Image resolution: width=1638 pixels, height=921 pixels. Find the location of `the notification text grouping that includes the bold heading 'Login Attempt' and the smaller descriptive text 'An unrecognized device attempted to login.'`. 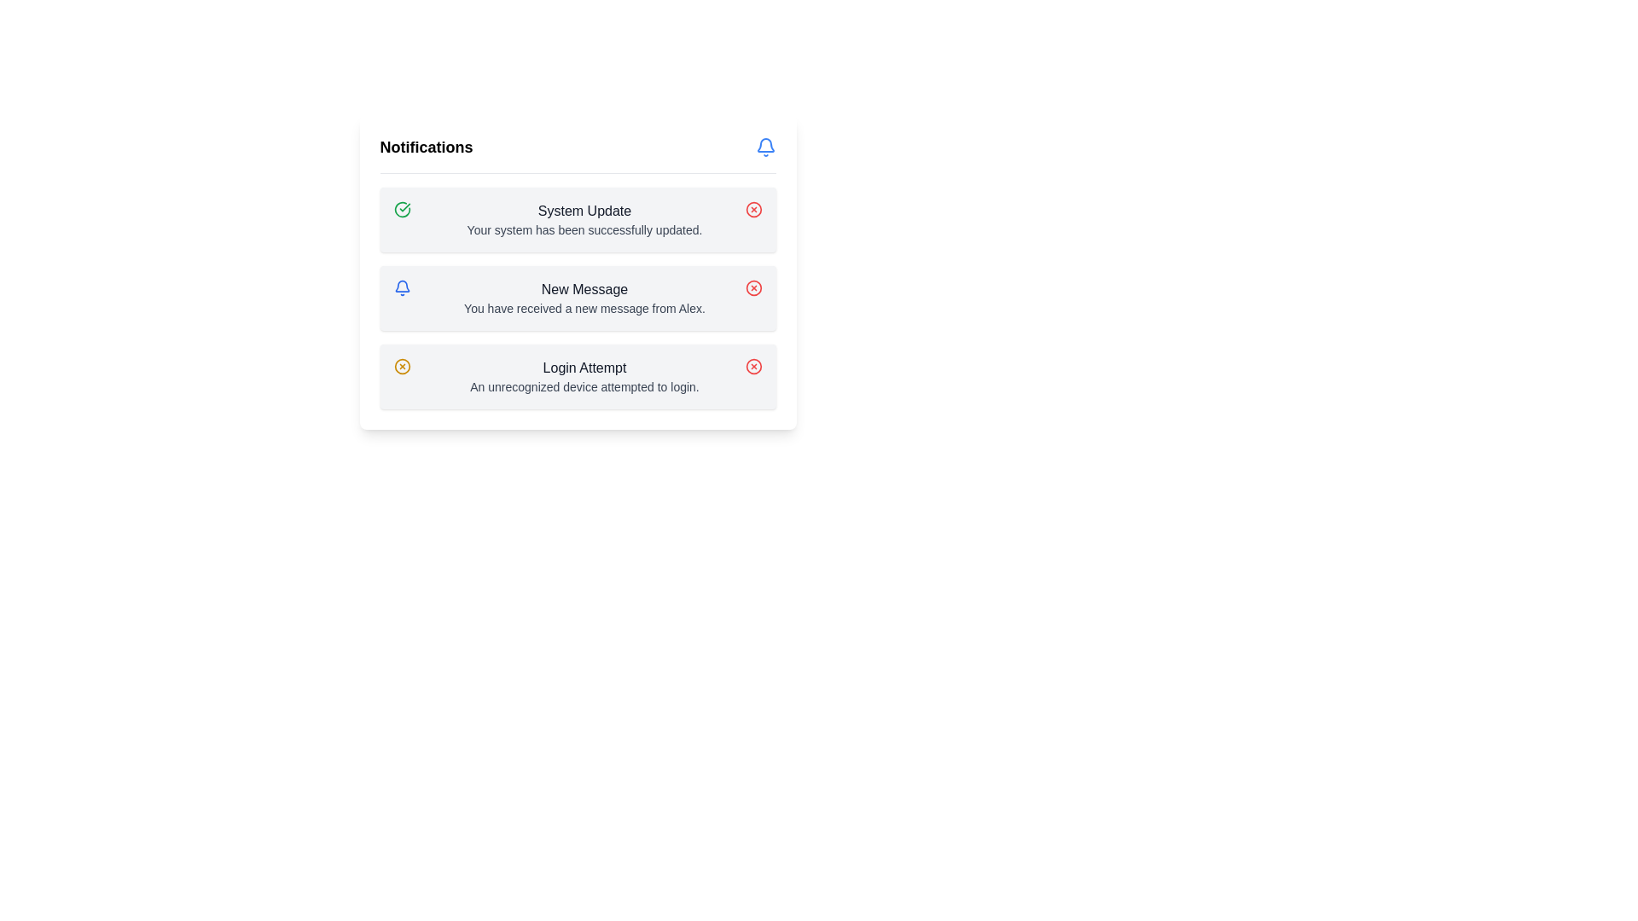

the notification text grouping that includes the bold heading 'Login Attempt' and the smaller descriptive text 'An unrecognized device attempted to login.' is located at coordinates (584, 376).